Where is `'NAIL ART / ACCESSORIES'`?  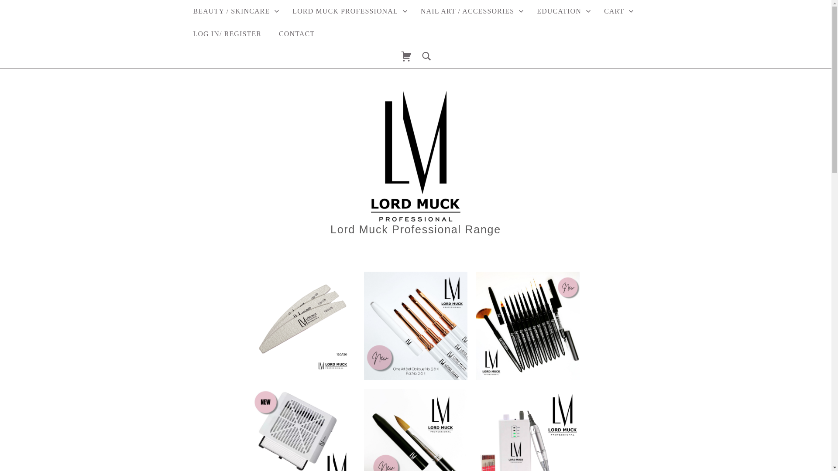
'NAIL ART / ACCESSORIES' is located at coordinates (469, 11).